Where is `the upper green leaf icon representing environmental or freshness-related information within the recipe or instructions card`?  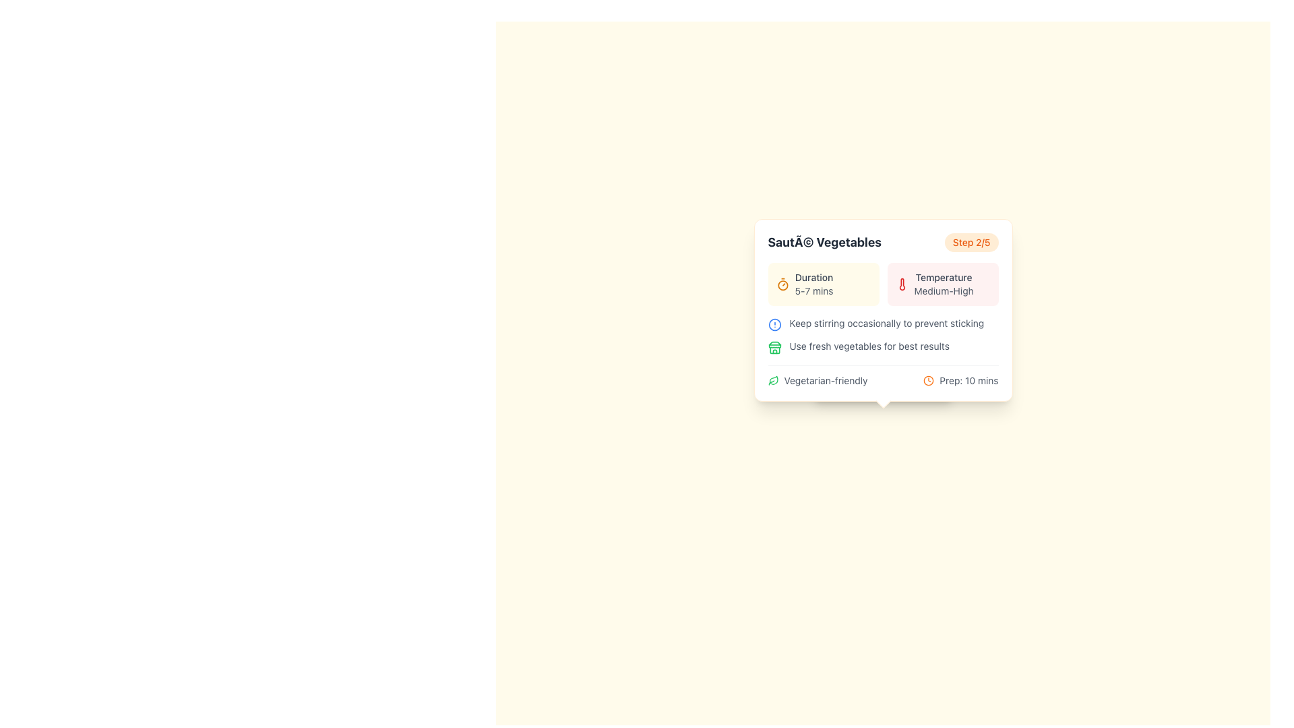 the upper green leaf icon representing environmental or freshness-related information within the recipe or instructions card is located at coordinates (773, 380).